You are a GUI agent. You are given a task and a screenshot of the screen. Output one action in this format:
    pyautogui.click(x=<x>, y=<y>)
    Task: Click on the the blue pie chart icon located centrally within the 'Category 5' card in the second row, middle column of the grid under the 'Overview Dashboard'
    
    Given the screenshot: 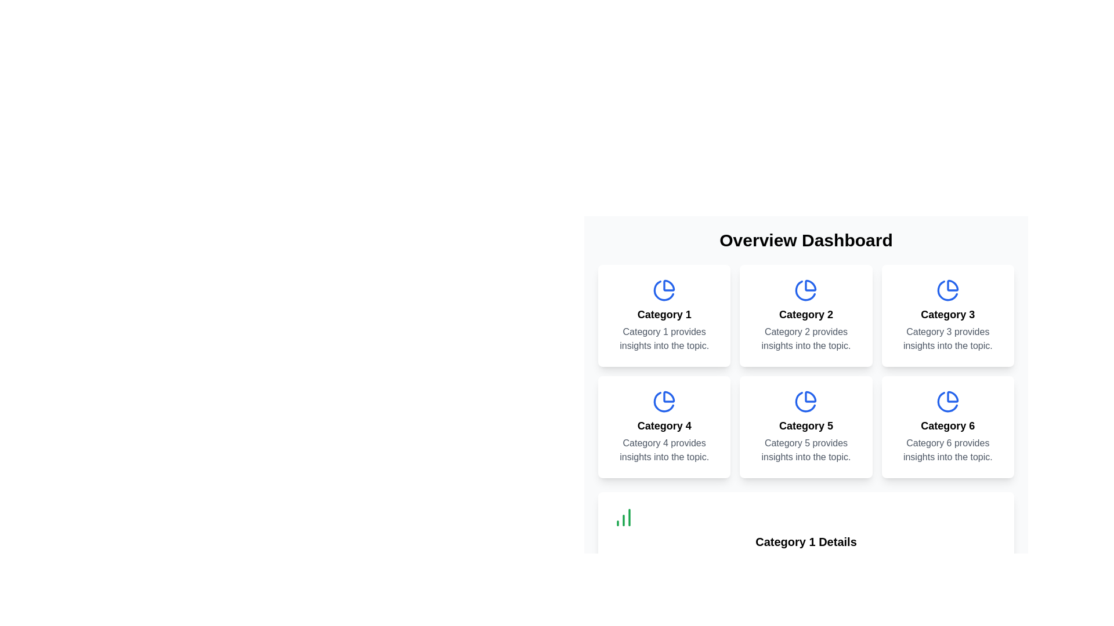 What is the action you would take?
    pyautogui.click(x=805, y=401)
    